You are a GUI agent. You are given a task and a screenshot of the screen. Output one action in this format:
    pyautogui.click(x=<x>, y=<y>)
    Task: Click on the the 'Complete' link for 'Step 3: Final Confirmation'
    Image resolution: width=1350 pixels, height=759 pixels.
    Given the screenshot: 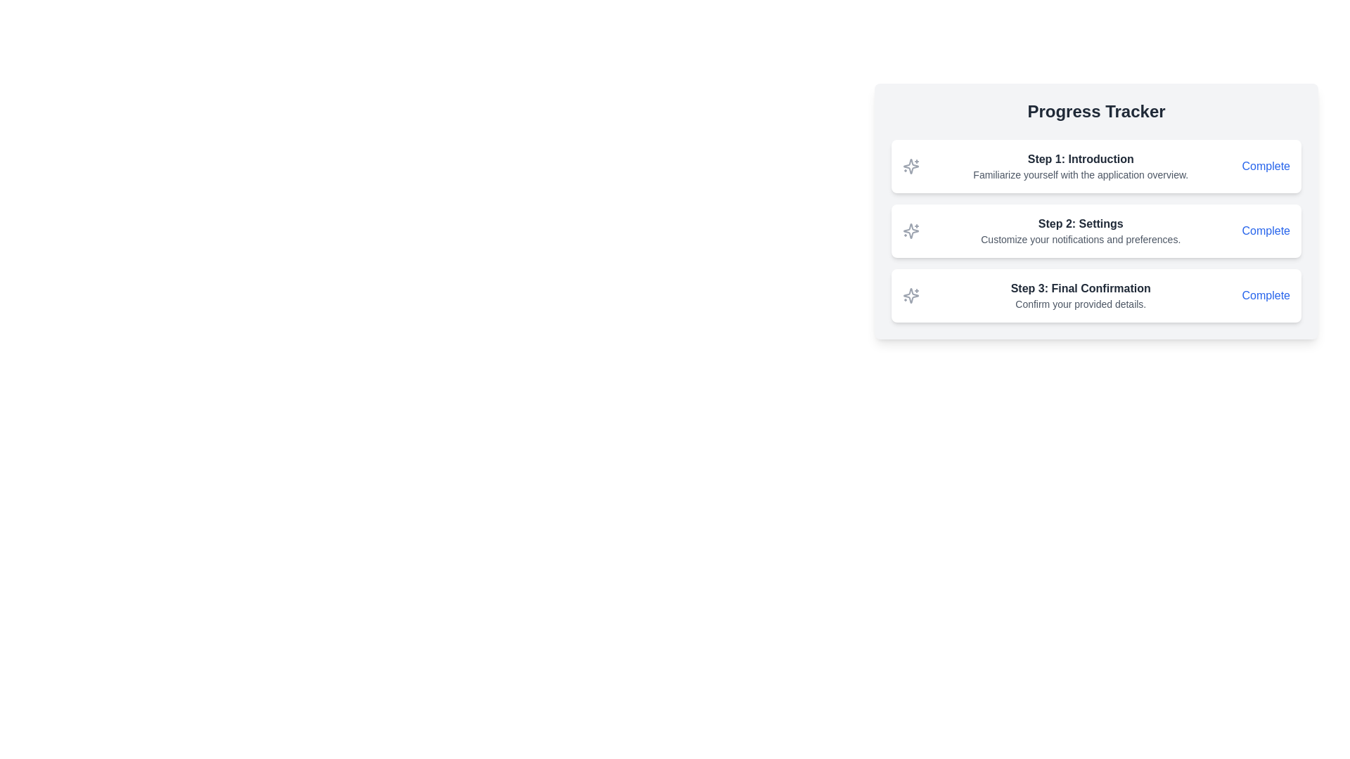 What is the action you would take?
    pyautogui.click(x=1266, y=294)
    